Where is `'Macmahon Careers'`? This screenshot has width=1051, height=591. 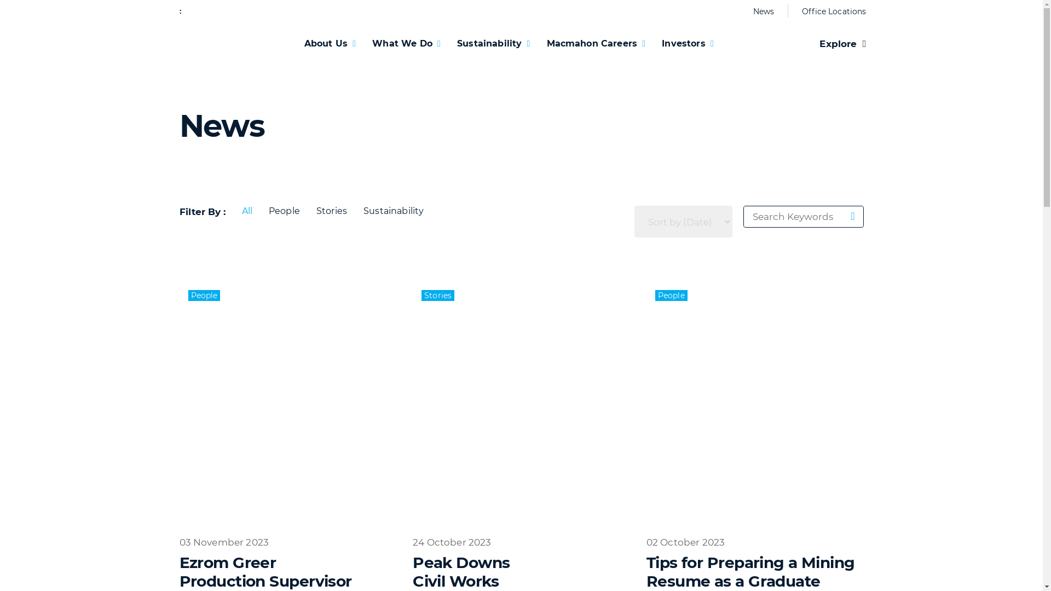
'Macmahon Careers' is located at coordinates (538, 43).